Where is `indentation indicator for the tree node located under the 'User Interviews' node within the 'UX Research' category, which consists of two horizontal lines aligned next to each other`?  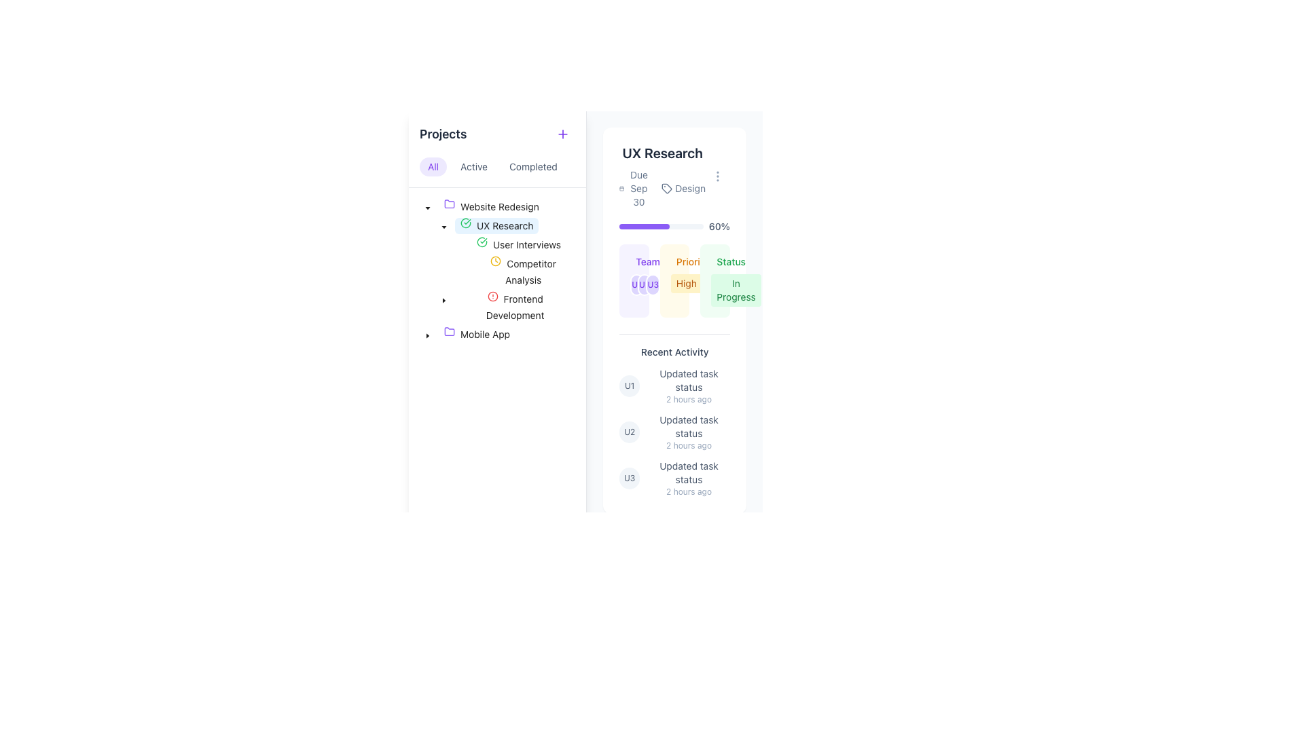 indentation indicator for the tree node located under the 'User Interviews' node within the 'UX Research' category, which consists of two horizontal lines aligned next to each other is located at coordinates (436, 245).